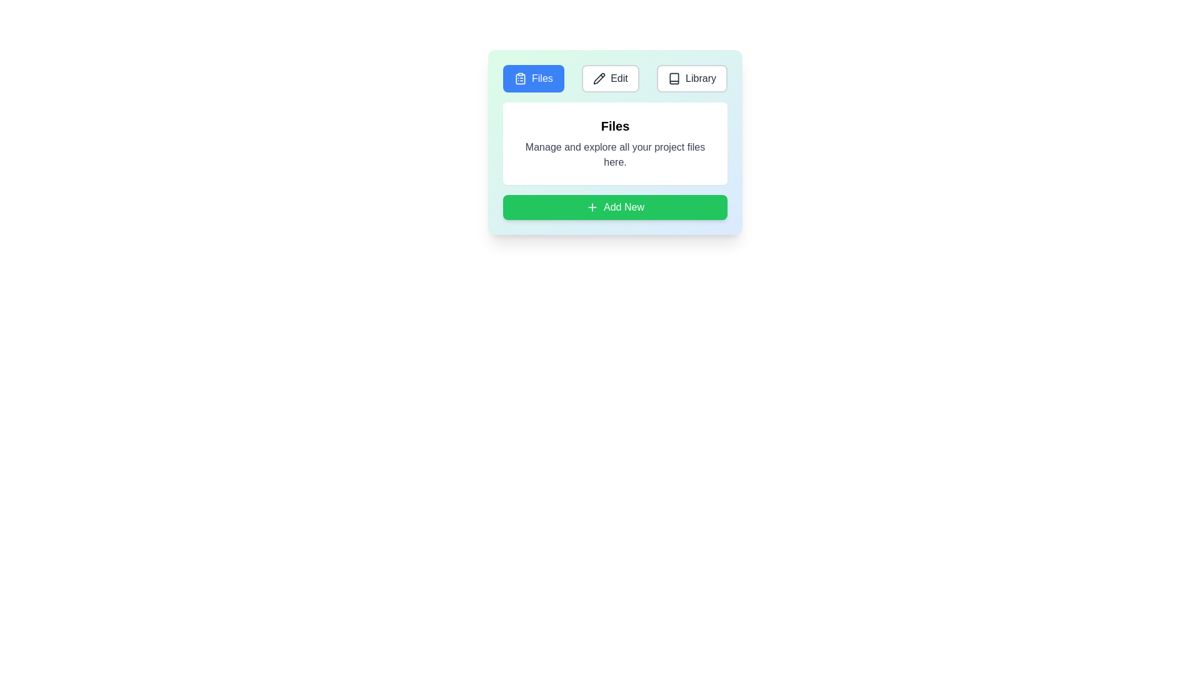 This screenshot has width=1200, height=675. Describe the element at coordinates (610, 79) in the screenshot. I see `the tab labeled Edit` at that location.